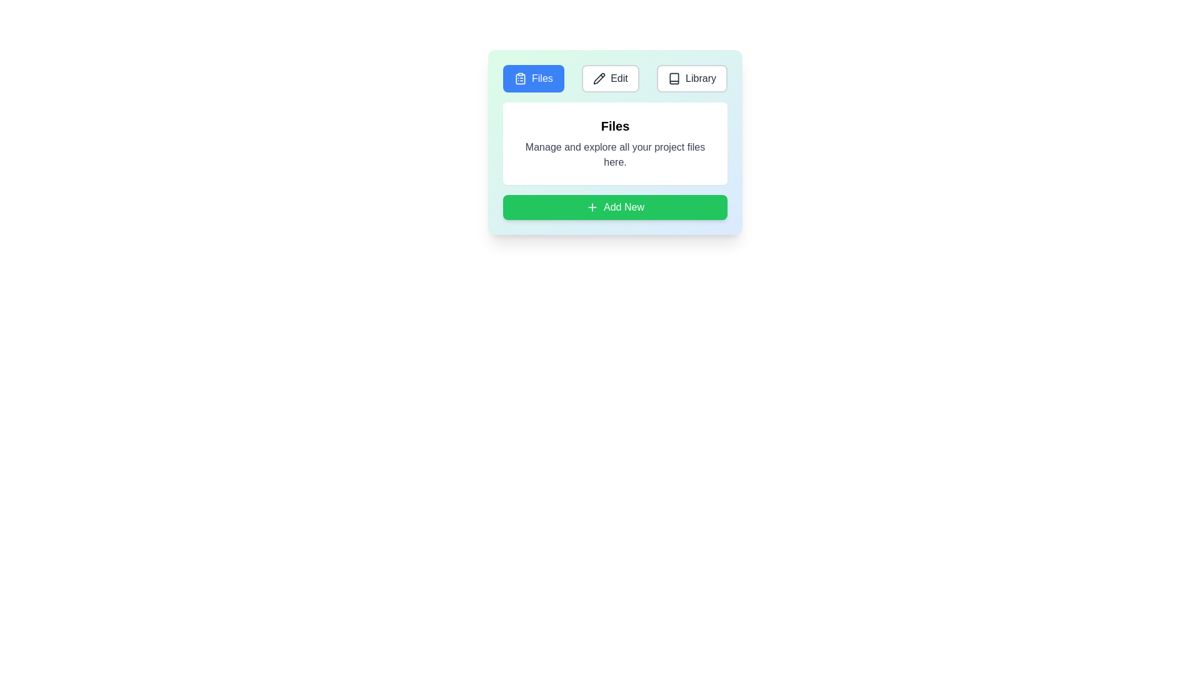 This screenshot has width=1200, height=675. Describe the element at coordinates (610, 79) in the screenshot. I see `the tab labeled Edit` at that location.